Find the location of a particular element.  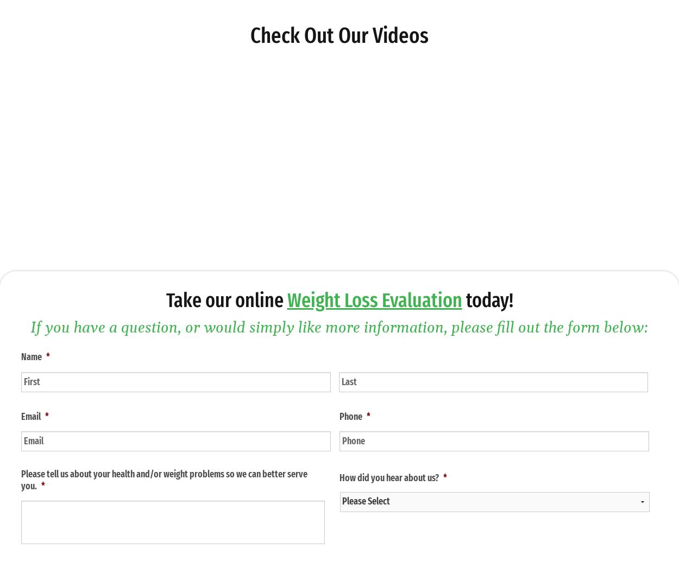

'Check Out Our Videos' is located at coordinates (339, 35).